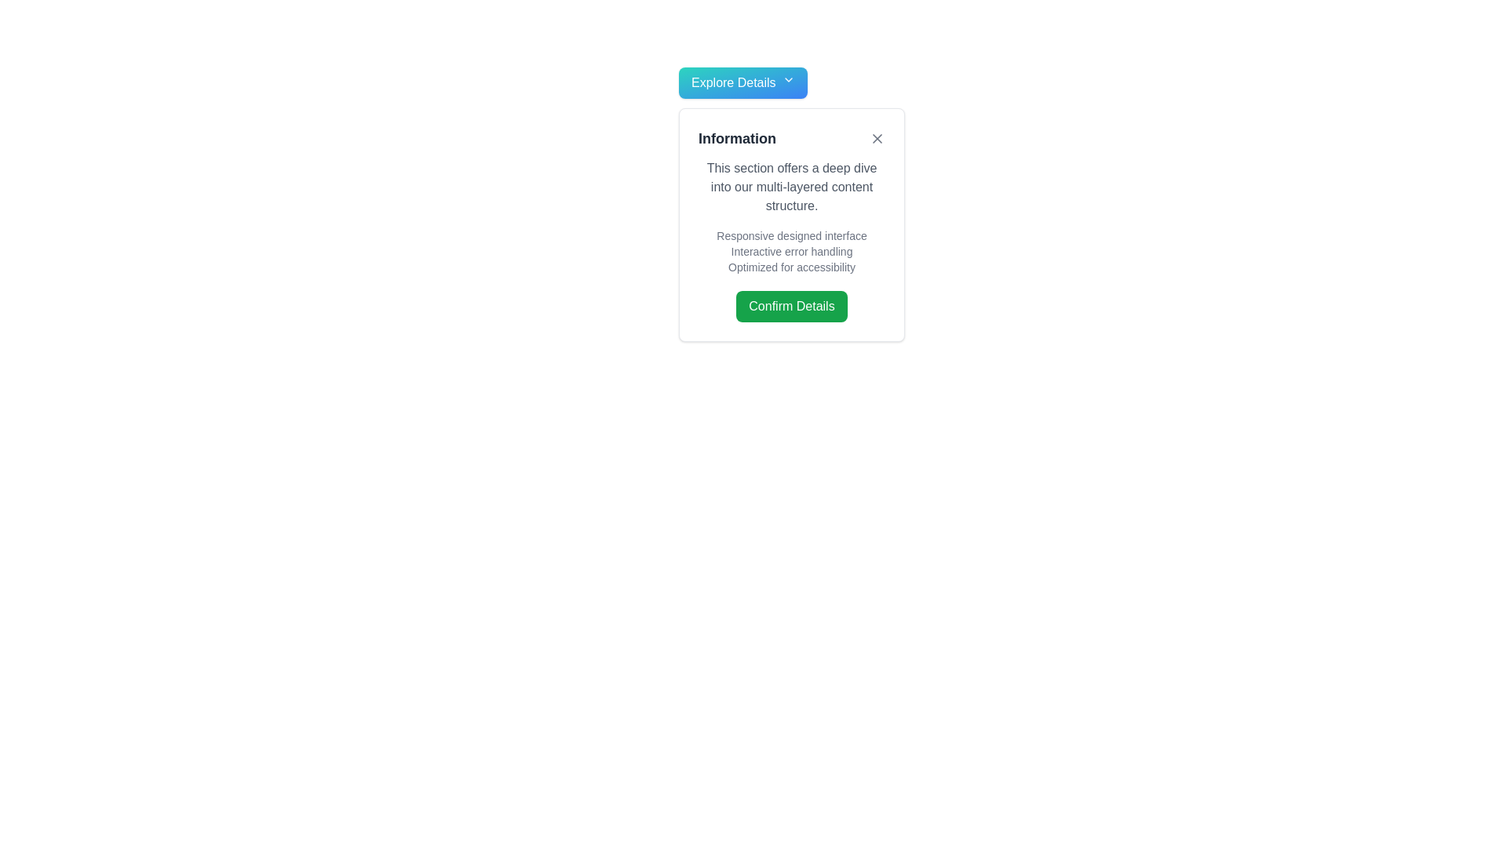 This screenshot has width=1507, height=847. I want to click on the Dropdown trigger button located near the top of the interface, slightly offset to the left, so click(791, 82).